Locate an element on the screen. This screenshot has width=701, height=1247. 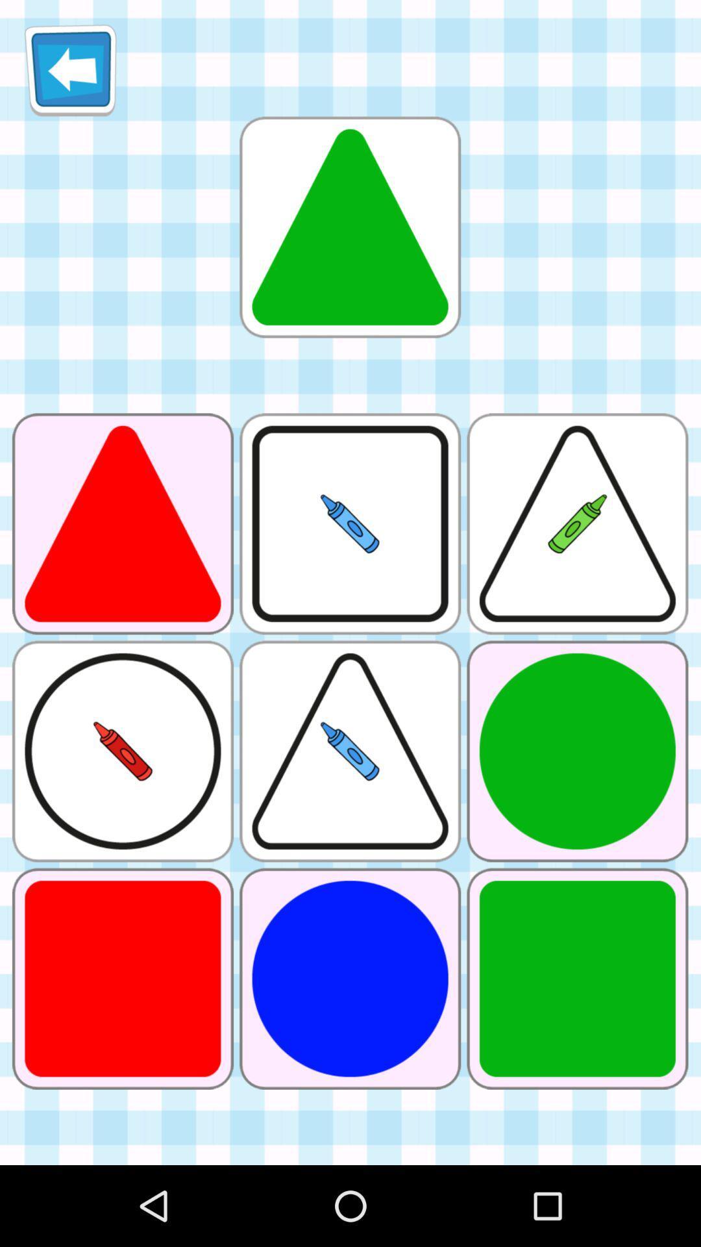
match green triangle is located at coordinates (349, 227).